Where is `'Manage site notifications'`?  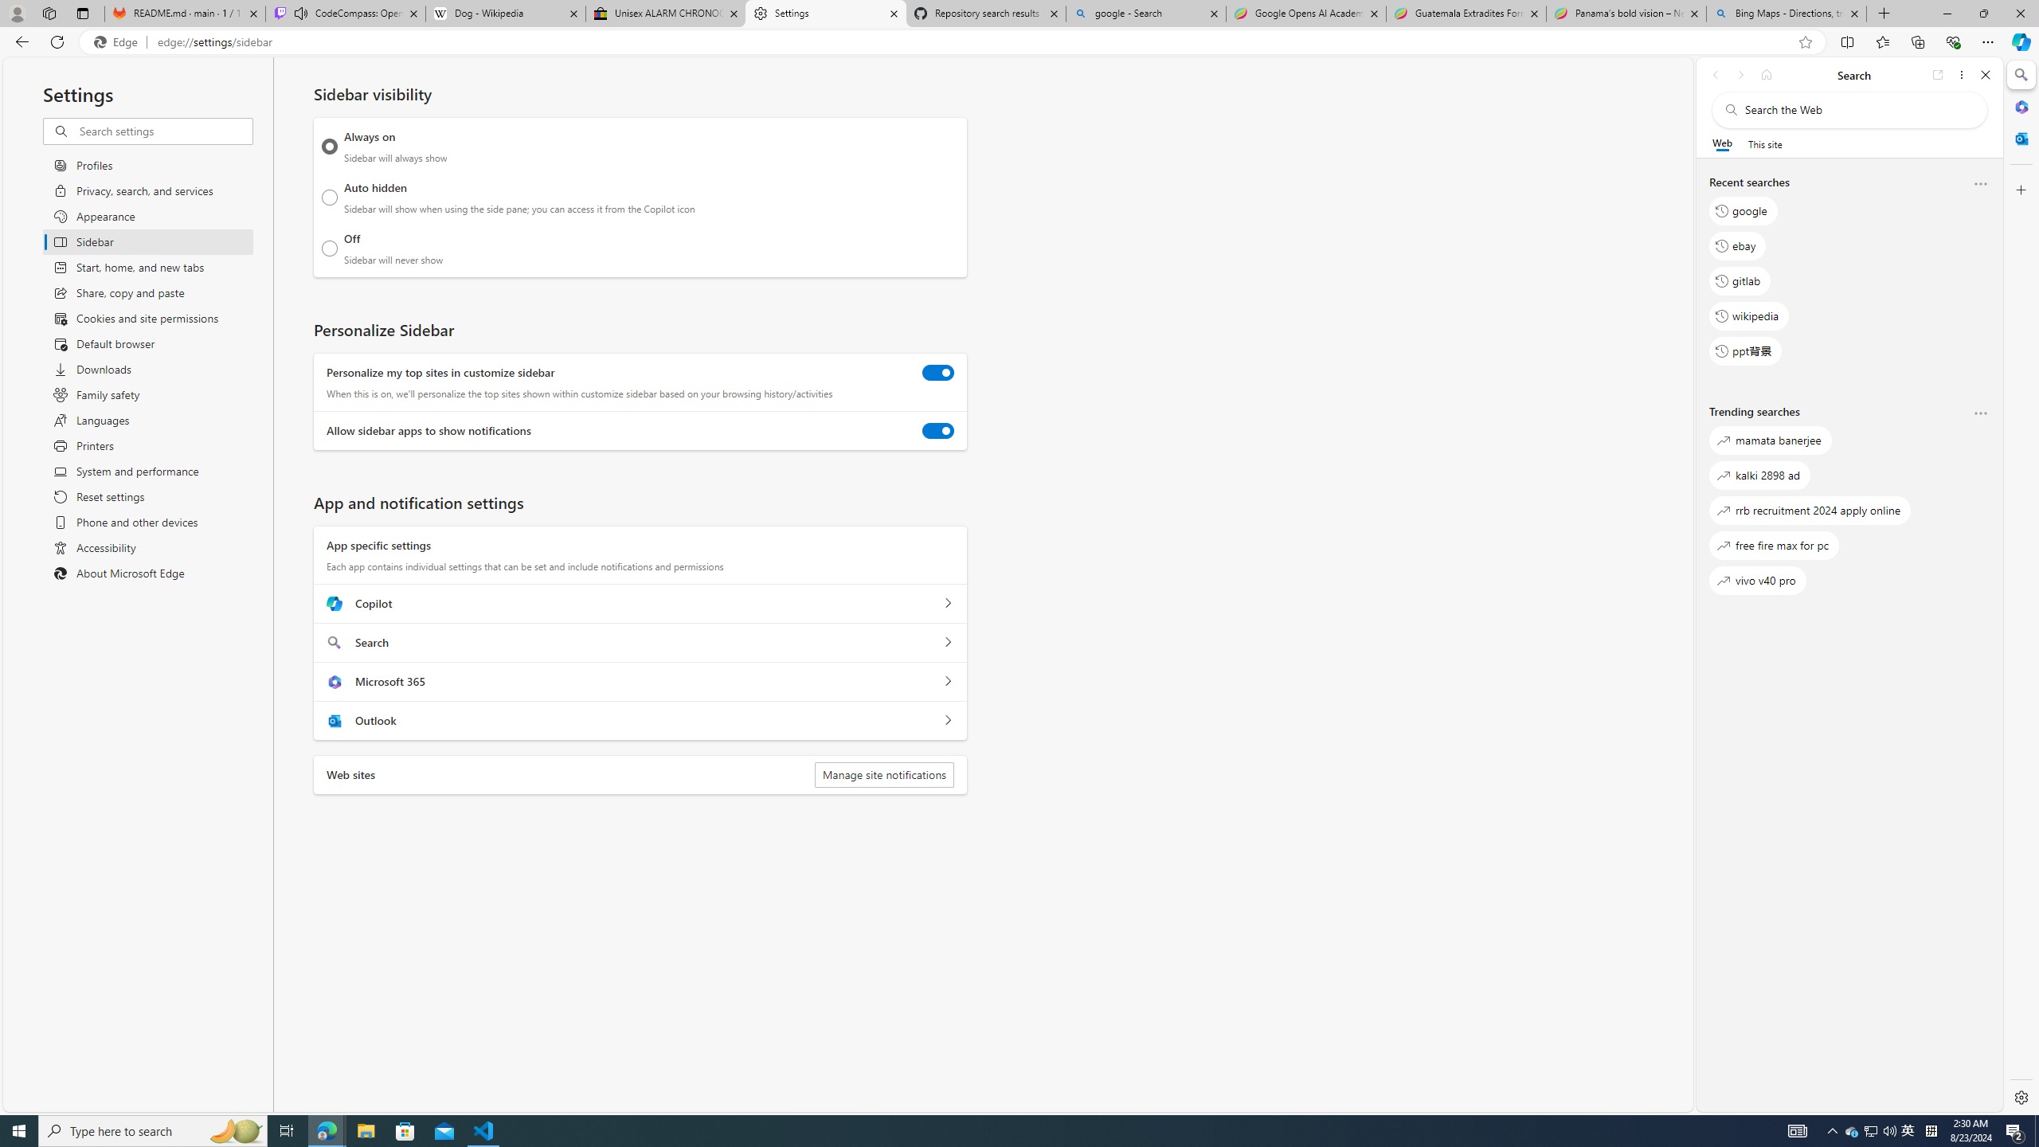 'Manage site notifications' is located at coordinates (883, 774).